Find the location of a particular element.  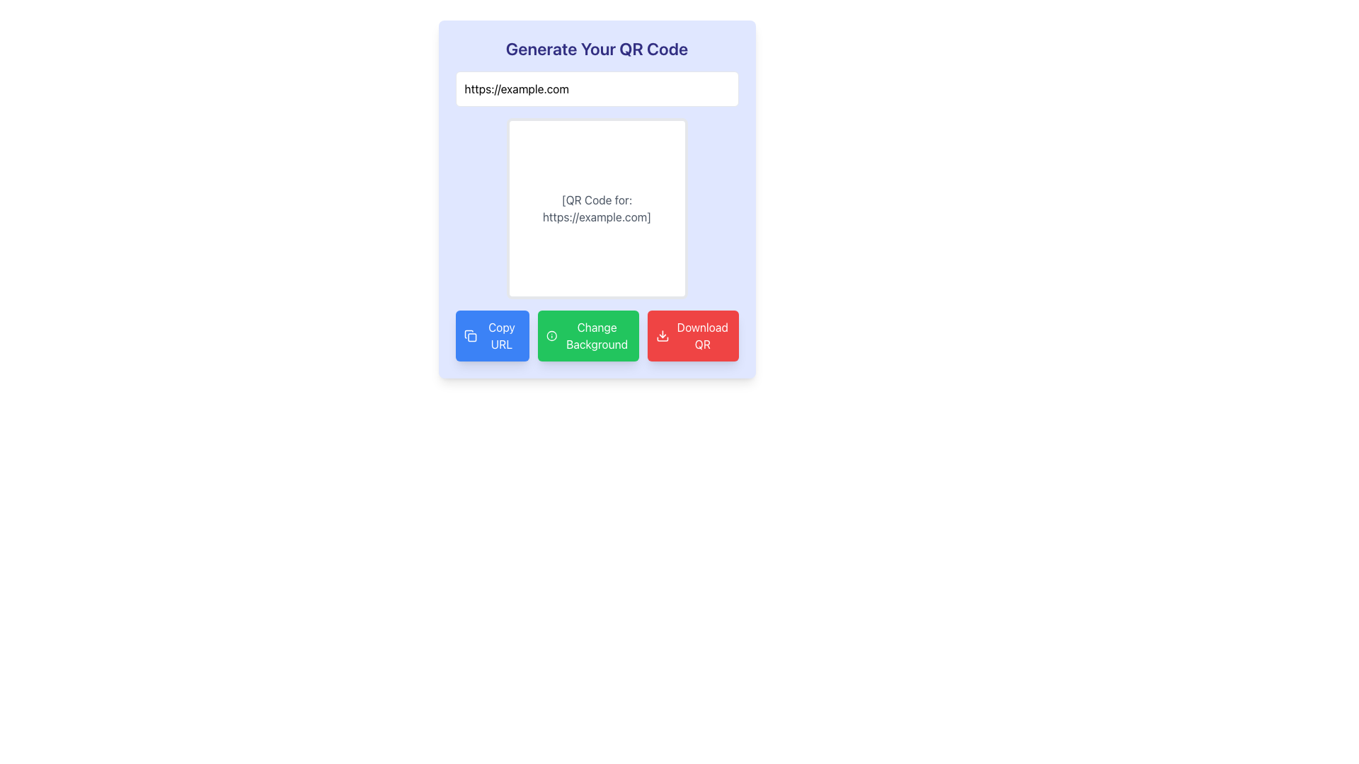

the green rectangular button labeled 'Change Background' with an information icon is located at coordinates (588, 335).